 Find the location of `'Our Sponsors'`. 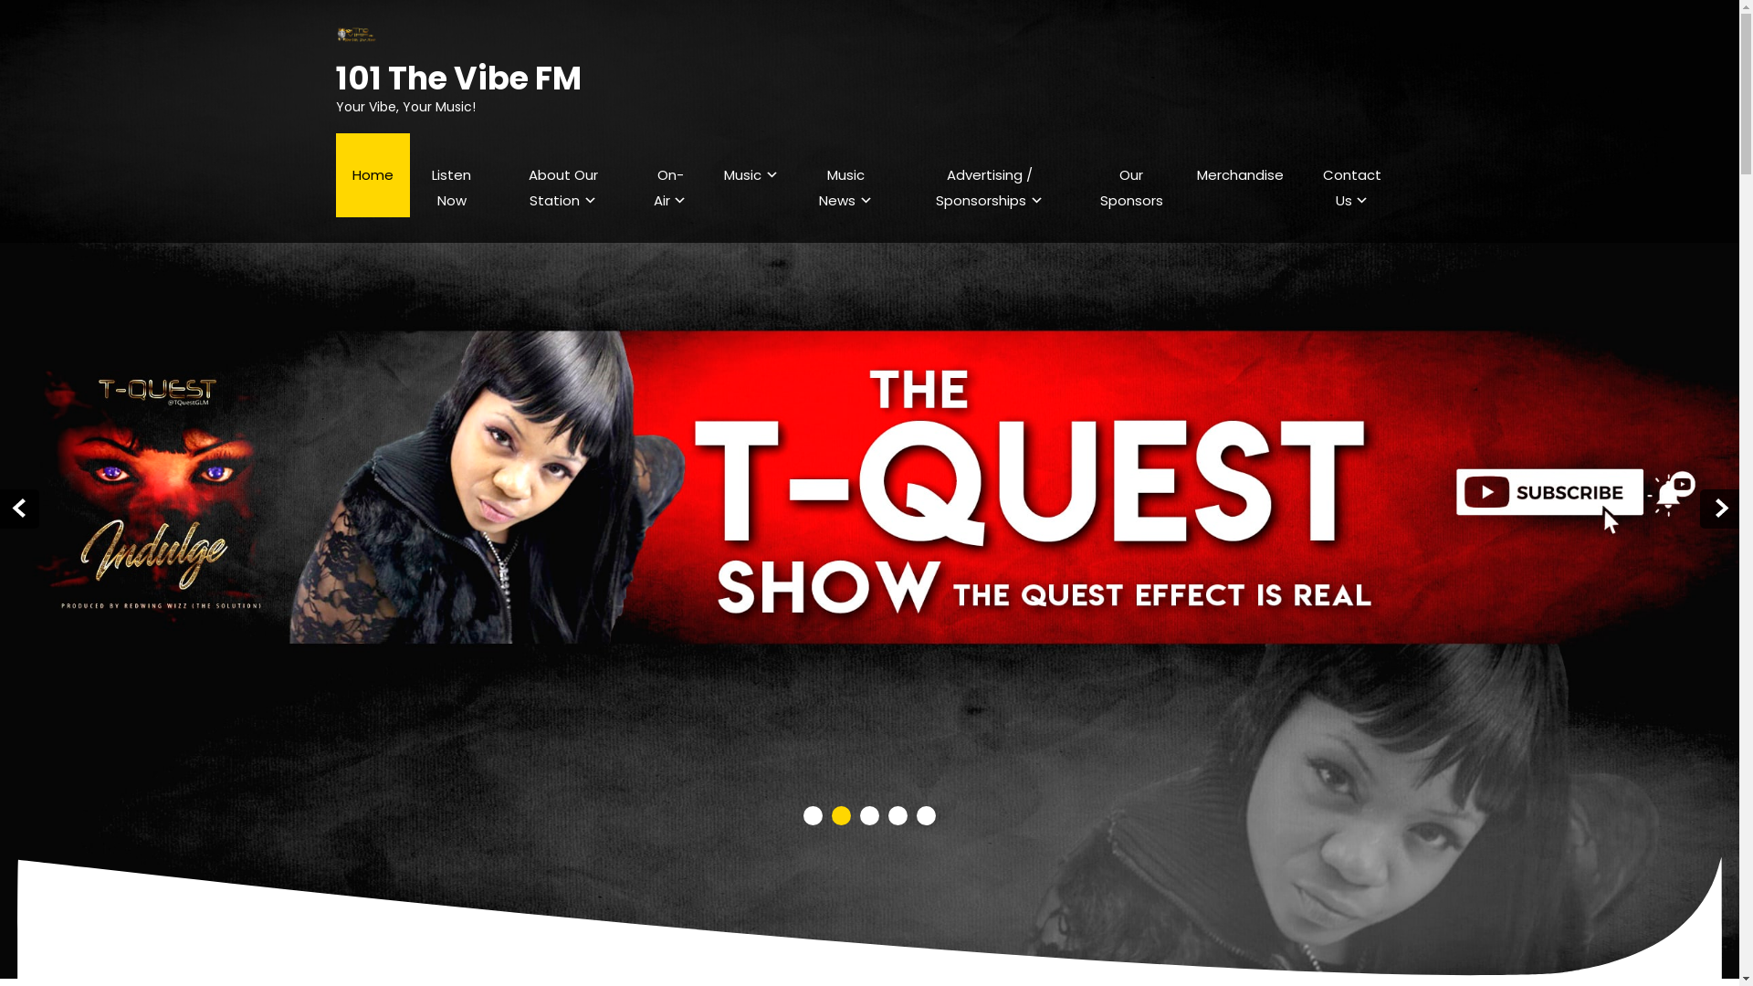

'Our Sponsors' is located at coordinates (1129, 187).